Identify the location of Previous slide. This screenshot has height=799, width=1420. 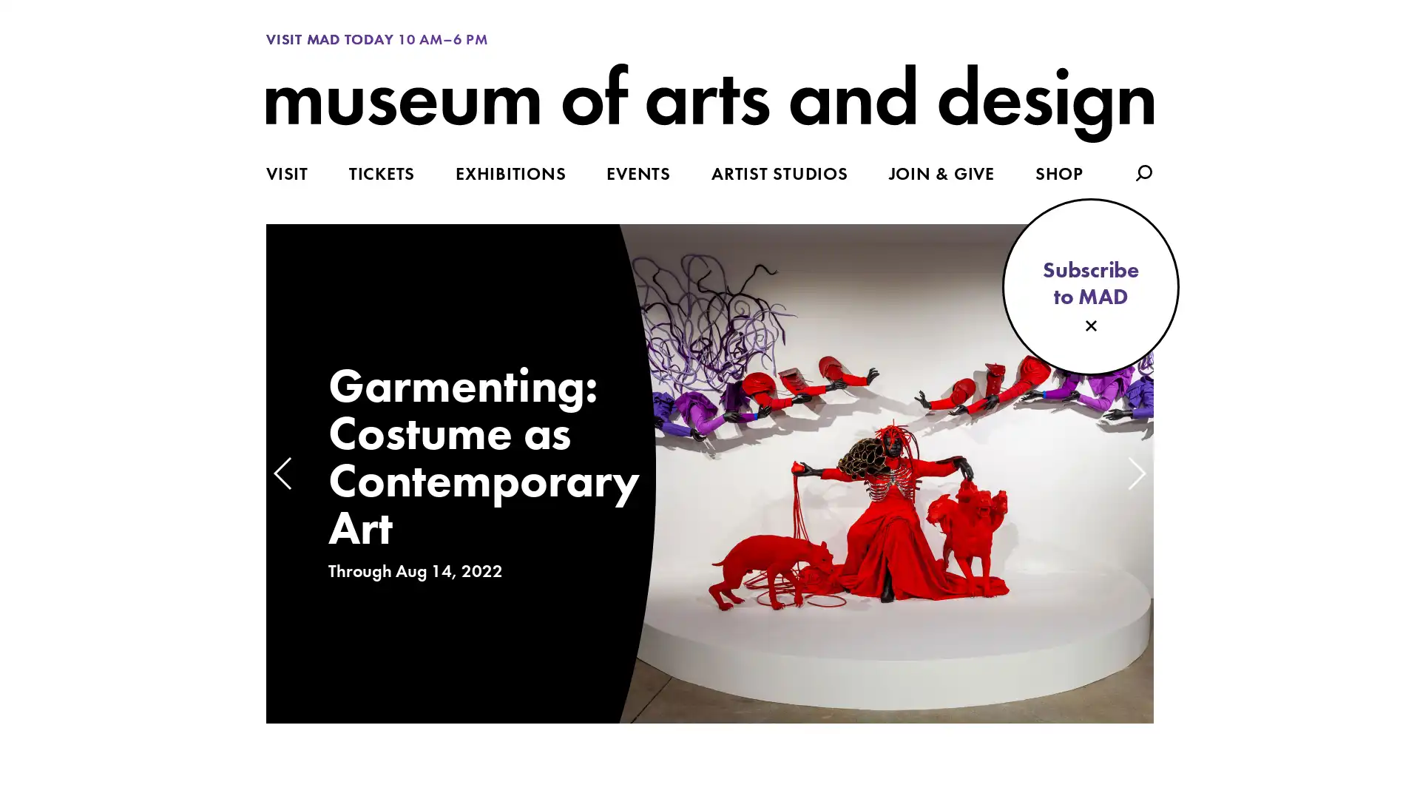
(283, 473).